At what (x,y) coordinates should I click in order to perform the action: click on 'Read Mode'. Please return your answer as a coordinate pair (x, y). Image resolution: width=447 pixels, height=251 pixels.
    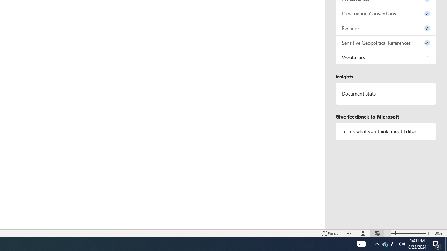
    Looking at the image, I should click on (349, 233).